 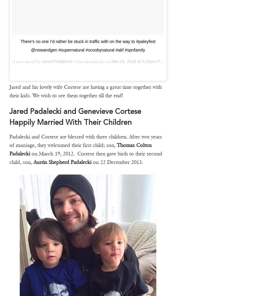 What do you see at coordinates (85, 157) in the screenshot?
I see `'on March 19, 2012. Cortese then gave birth to their second child, son,'` at bounding box center [85, 157].